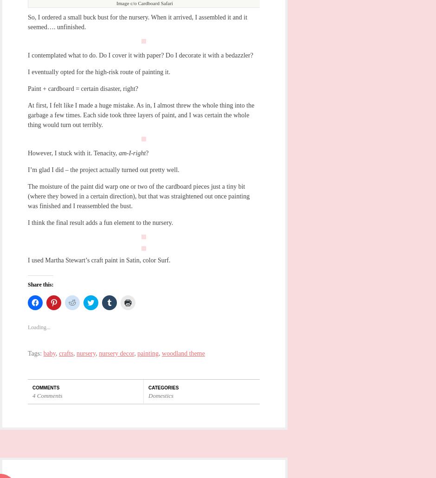  Describe the element at coordinates (98, 71) in the screenshot. I see `'I eventually opted for the high-risk route of painting it.'` at that location.